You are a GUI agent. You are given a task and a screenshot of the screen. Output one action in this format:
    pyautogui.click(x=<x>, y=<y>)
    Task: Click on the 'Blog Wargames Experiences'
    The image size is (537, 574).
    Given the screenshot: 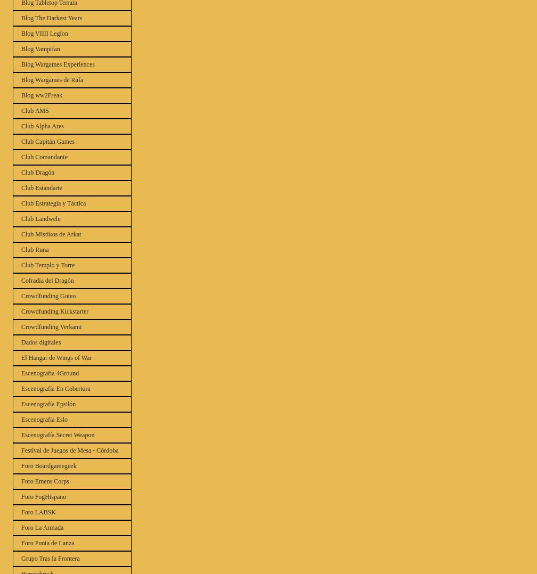 What is the action you would take?
    pyautogui.click(x=58, y=64)
    